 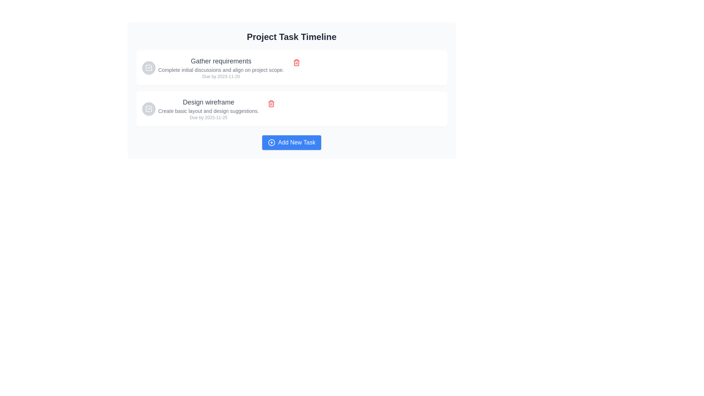 I want to click on the circular gray button with a white checkmark icon located to the left of the text 'Create basic layout and design suggestions. Due by 2023-11-25.', so click(x=148, y=109).